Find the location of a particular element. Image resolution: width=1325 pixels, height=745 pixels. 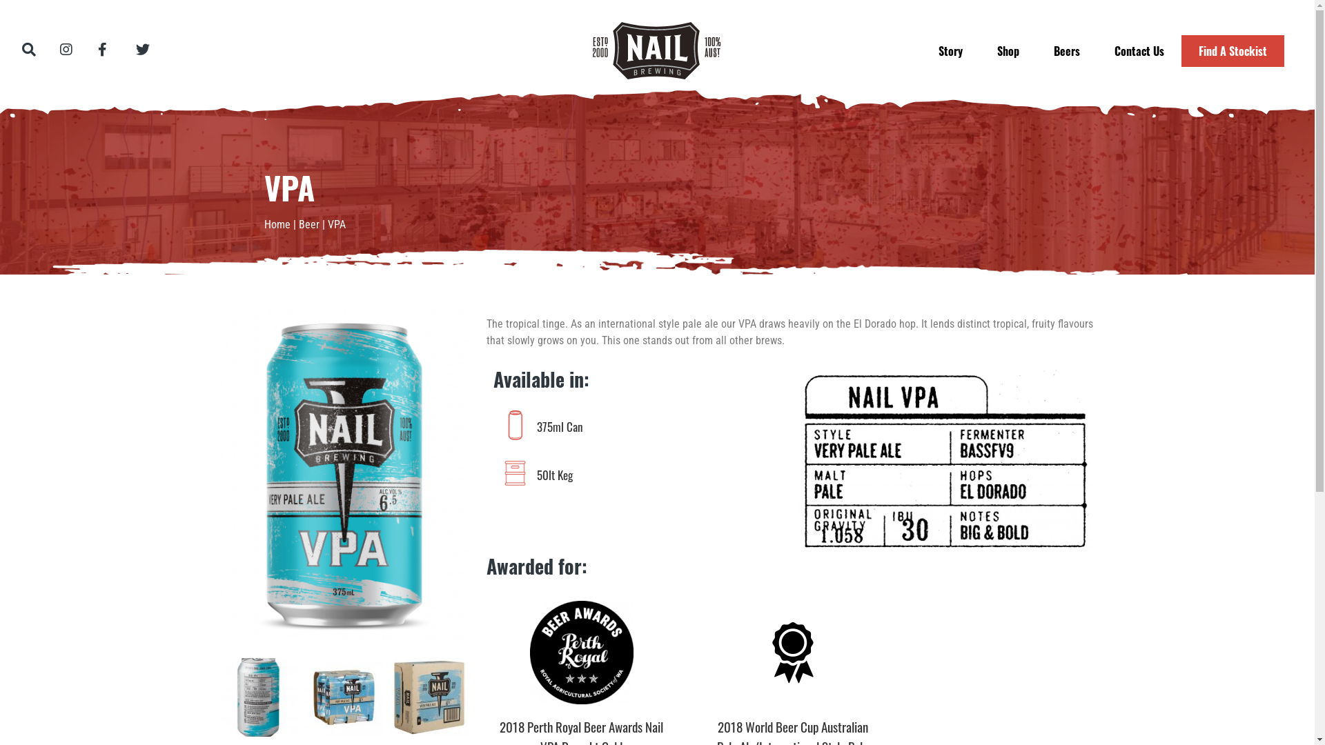

'Home' is located at coordinates (276, 223).